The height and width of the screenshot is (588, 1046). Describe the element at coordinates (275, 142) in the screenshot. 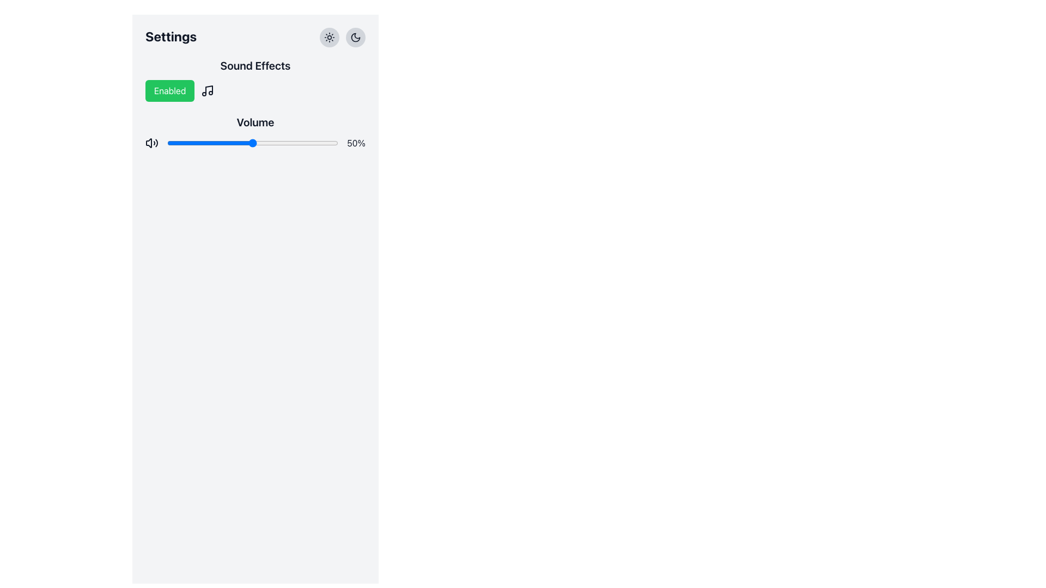

I see `the slider` at that location.